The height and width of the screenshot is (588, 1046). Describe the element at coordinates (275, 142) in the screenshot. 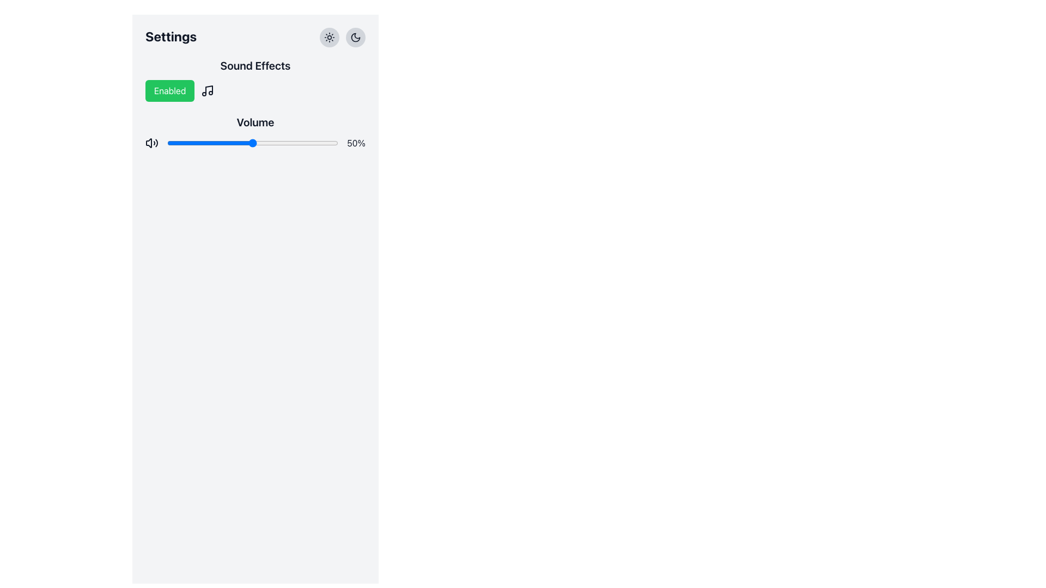

I see `the slider` at that location.